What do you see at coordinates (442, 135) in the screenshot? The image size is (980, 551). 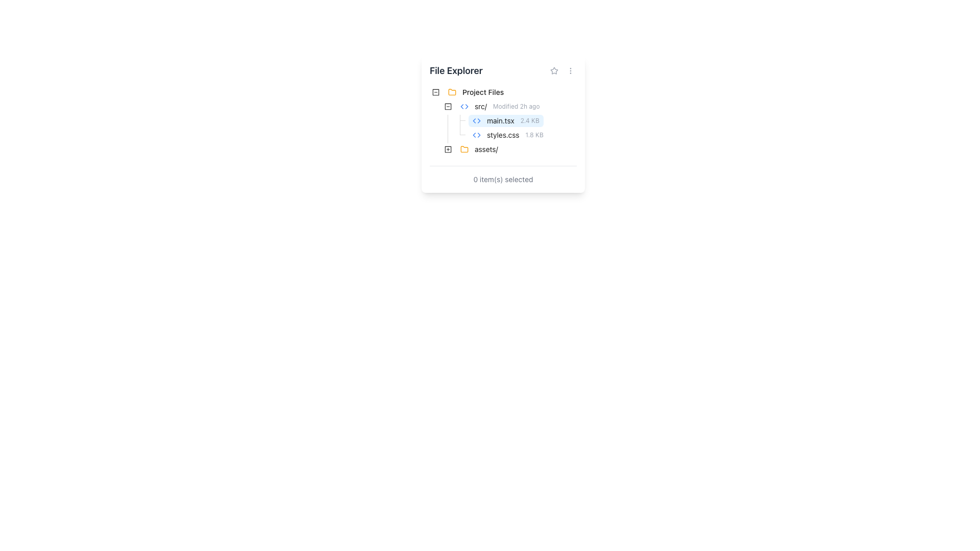 I see `the Tree indent marker located beneath the 'styles.css' file in the tree structure under the 'src/' directory` at bounding box center [442, 135].